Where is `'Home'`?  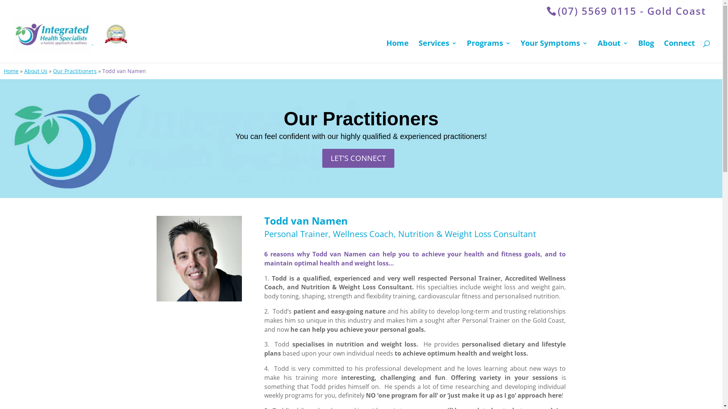
'Home' is located at coordinates (11, 71).